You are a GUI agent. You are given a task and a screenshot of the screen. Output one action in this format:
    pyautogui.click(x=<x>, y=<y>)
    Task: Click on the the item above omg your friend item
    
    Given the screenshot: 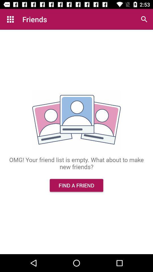 What is the action you would take?
    pyautogui.click(x=10, y=19)
    